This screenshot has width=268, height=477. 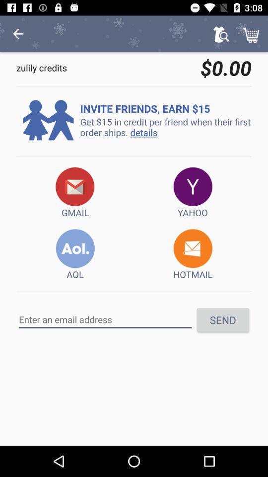 What do you see at coordinates (105, 319) in the screenshot?
I see `item to the left of send icon` at bounding box center [105, 319].